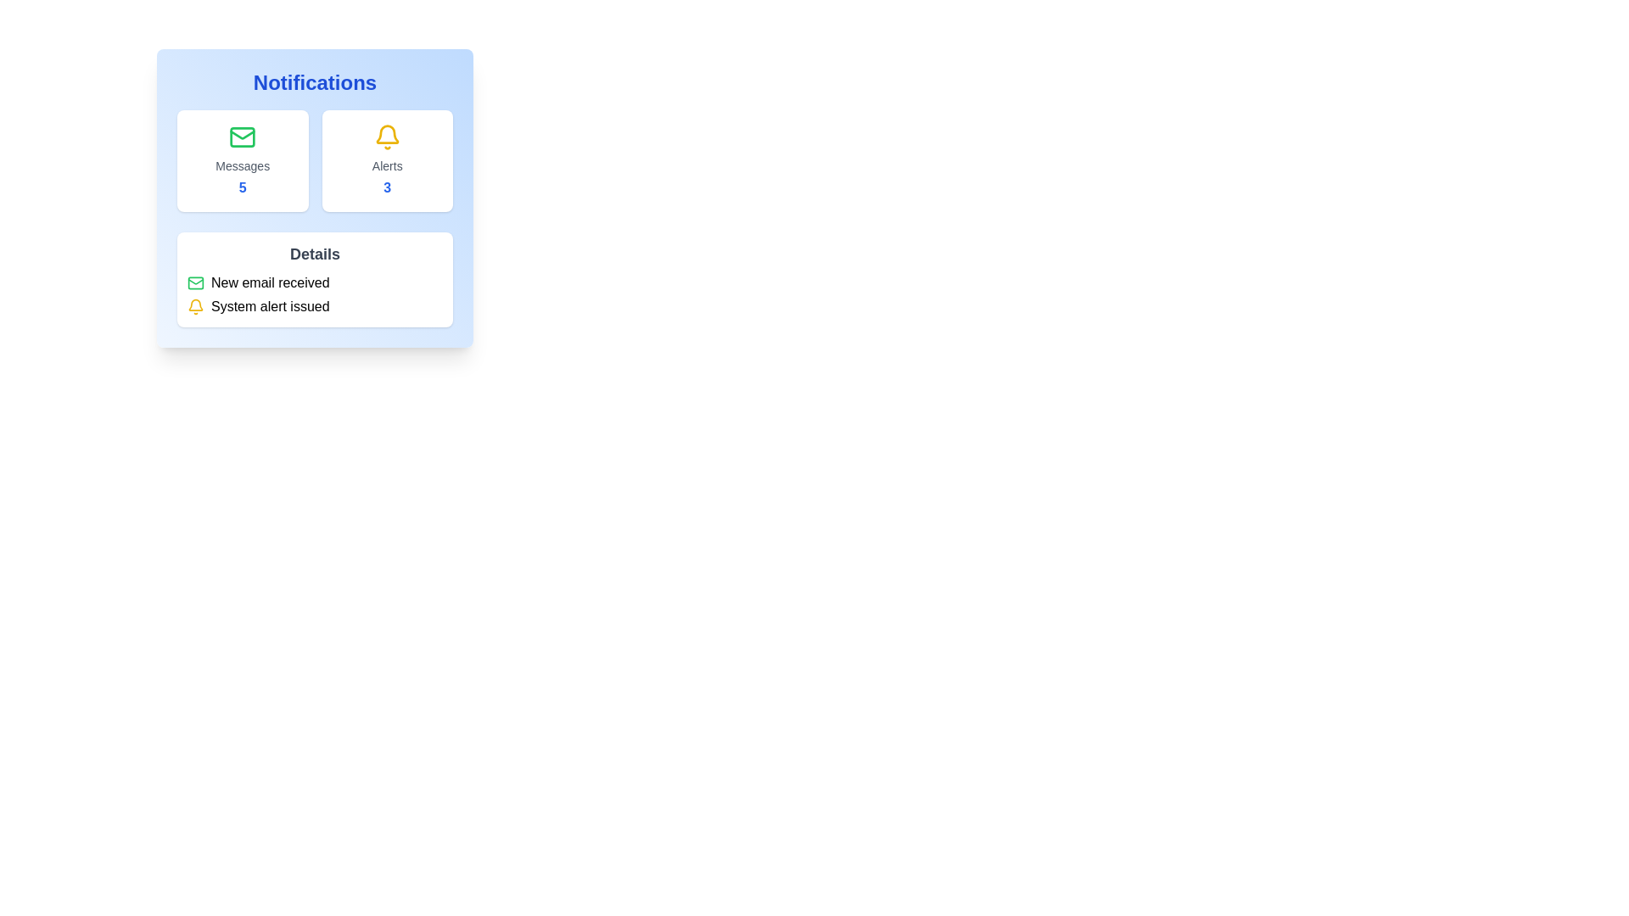 The image size is (1629, 916). I want to click on text displayed in the 'Alerts' label, which is styled in gray and positioned below the yellow bell icon within the notification panel, so click(386, 166).